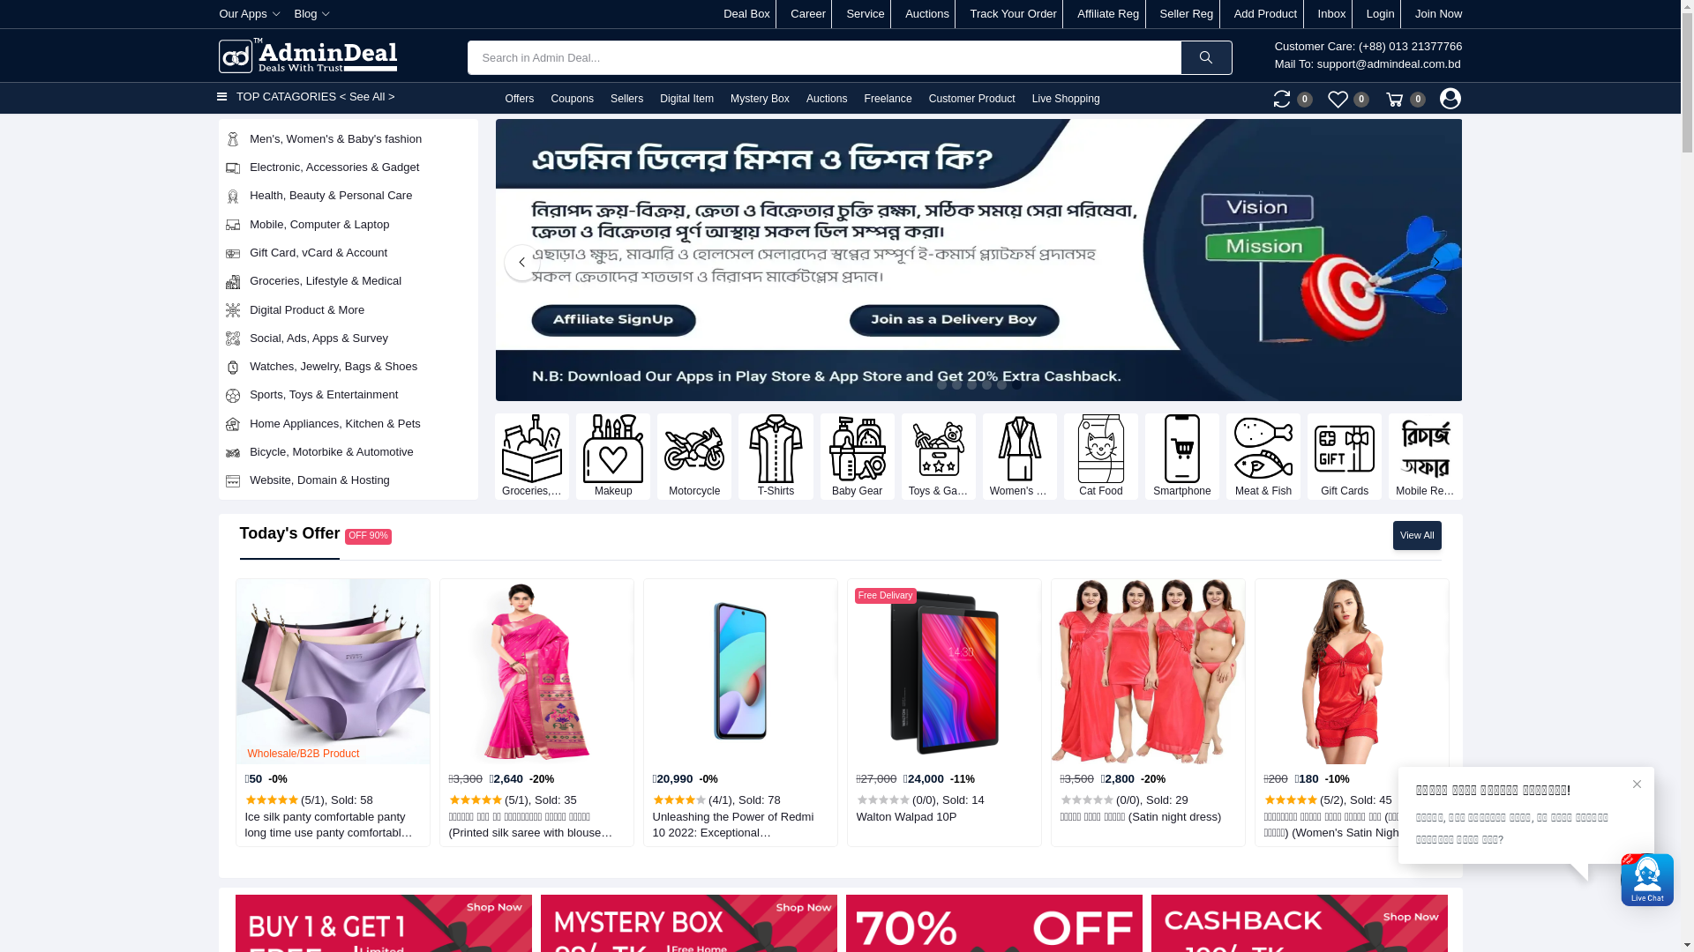 Image resolution: width=1694 pixels, height=952 pixels. Describe the element at coordinates (1414, 13) in the screenshot. I see `'Join Now'` at that location.